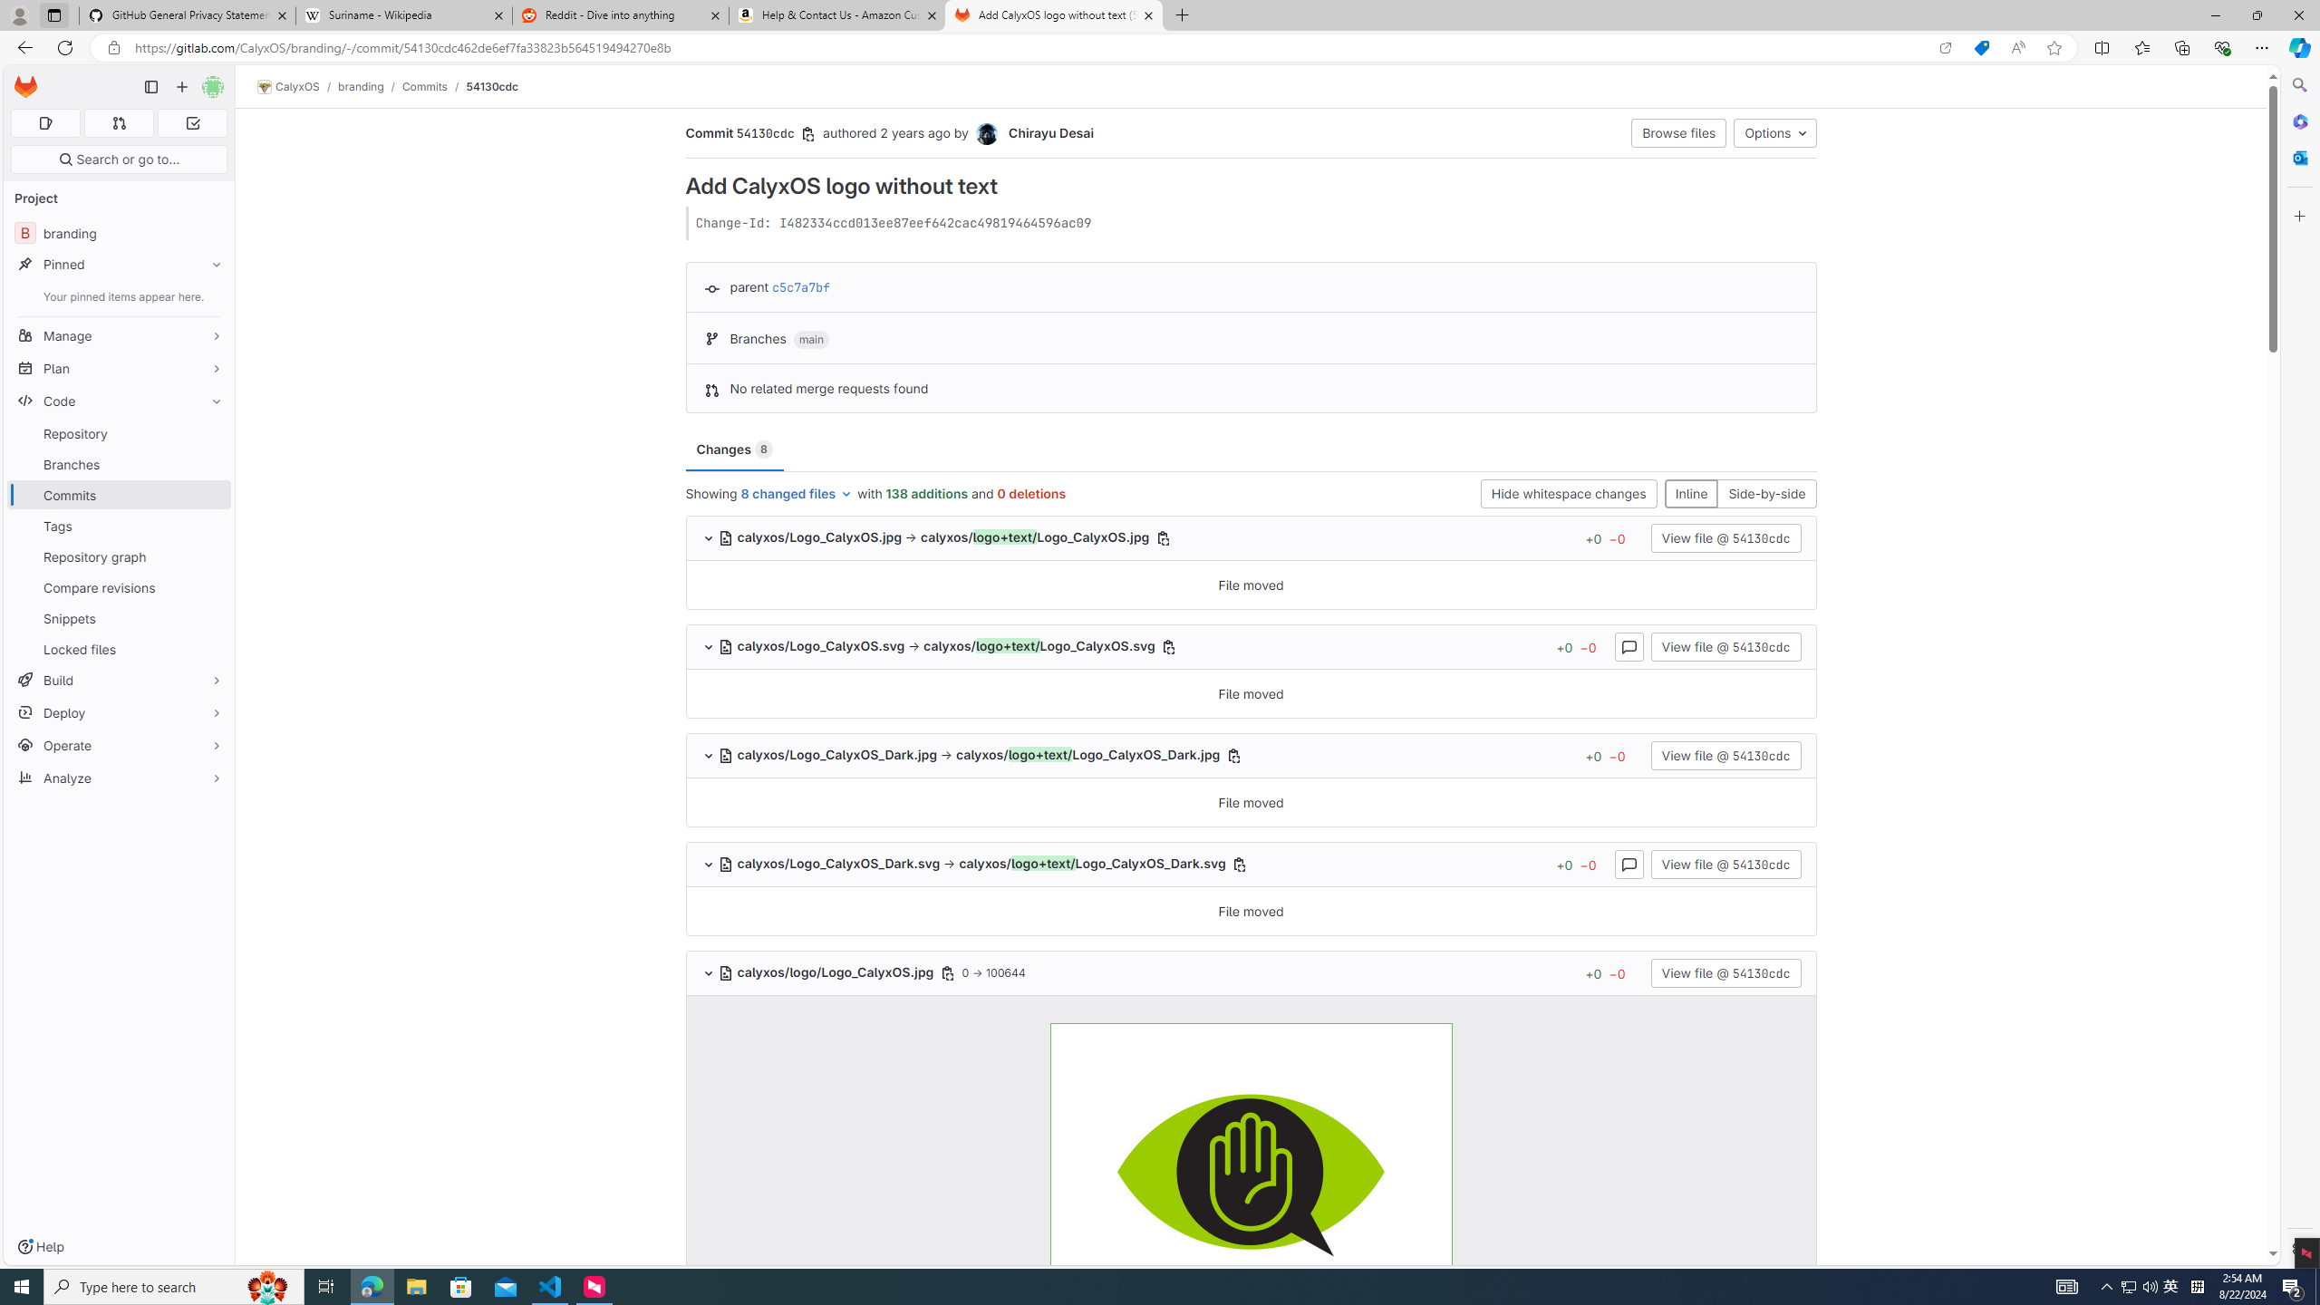 This screenshot has width=2320, height=1305. Describe the element at coordinates (369, 86) in the screenshot. I see `'branding/'` at that location.